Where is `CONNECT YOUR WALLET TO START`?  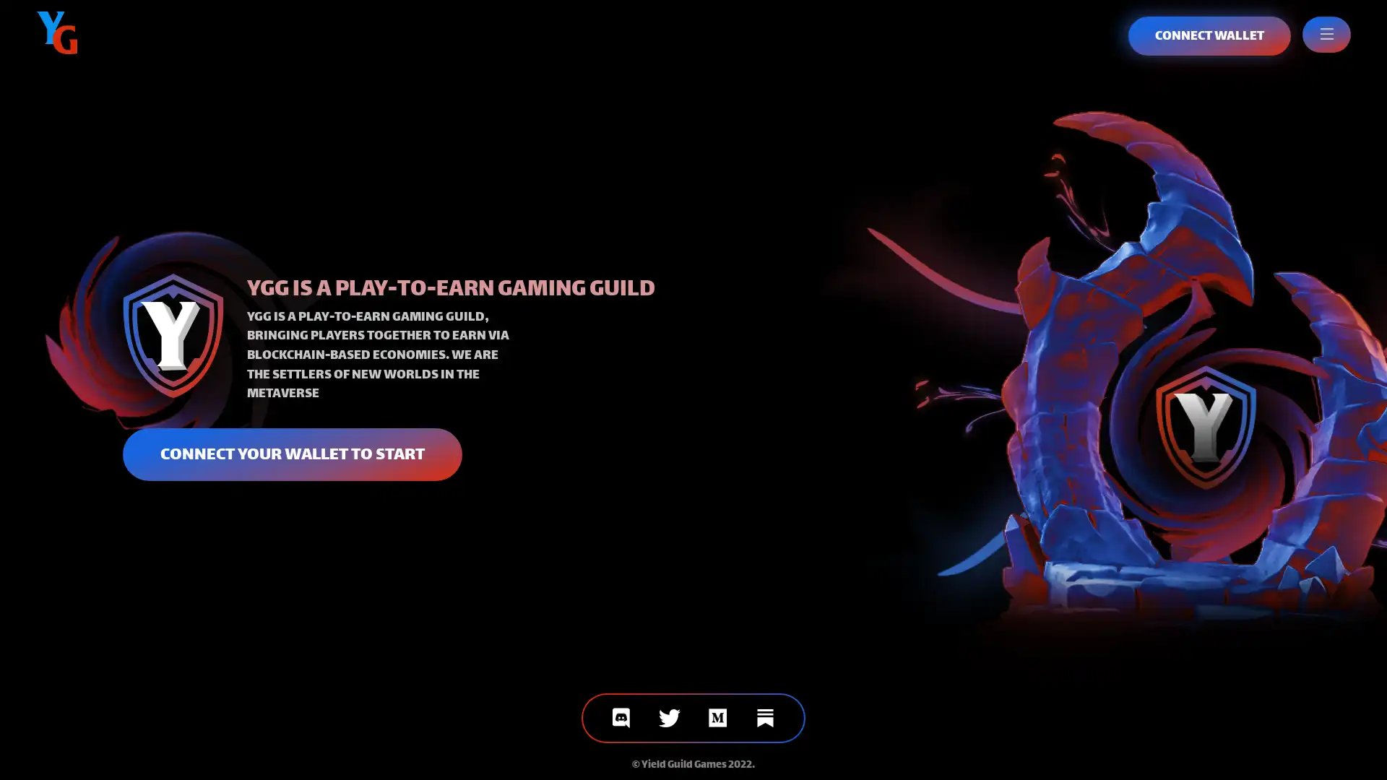 CONNECT YOUR WALLET TO START is located at coordinates (291, 453).